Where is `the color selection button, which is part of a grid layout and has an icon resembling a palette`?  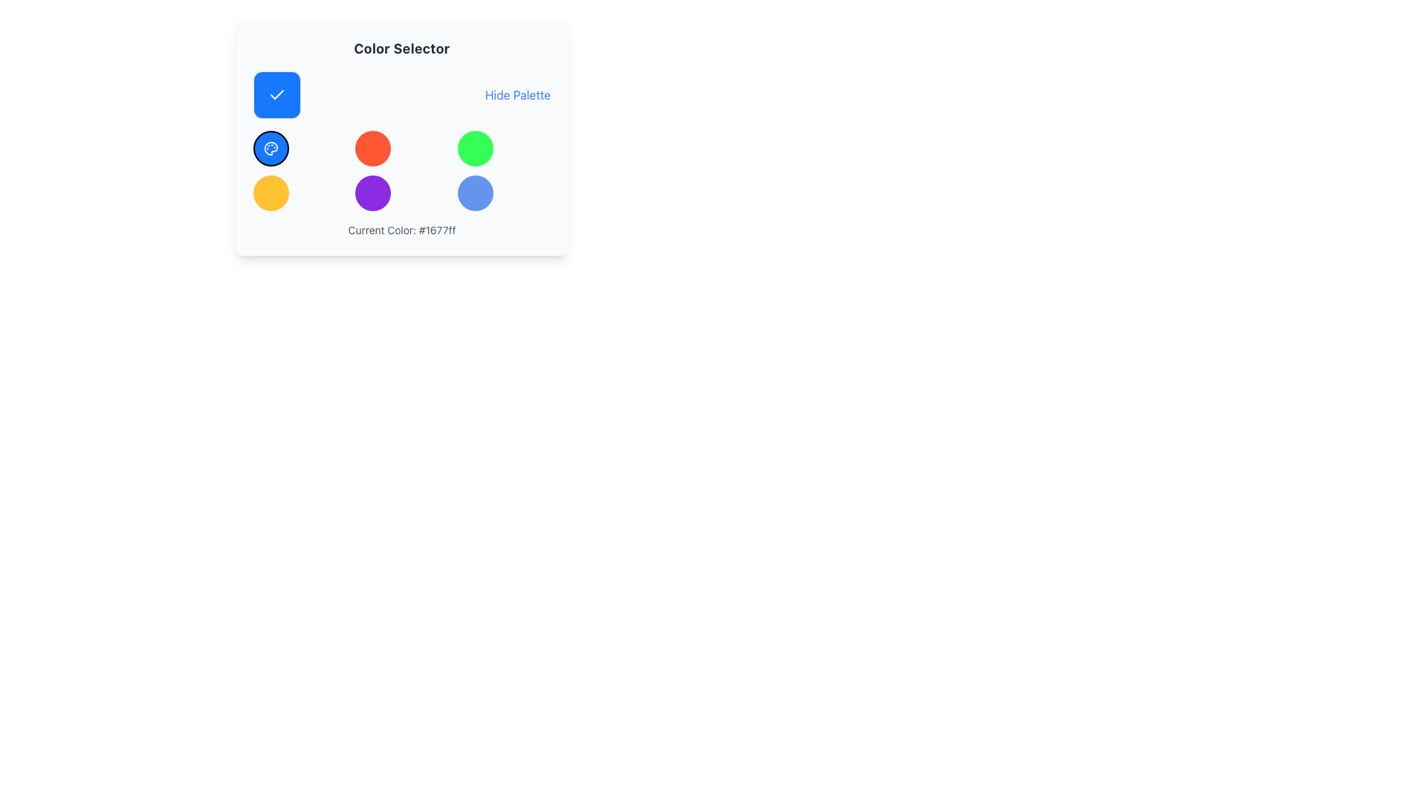
the color selection button, which is part of a grid layout and has an icon resembling a palette is located at coordinates (271, 149).